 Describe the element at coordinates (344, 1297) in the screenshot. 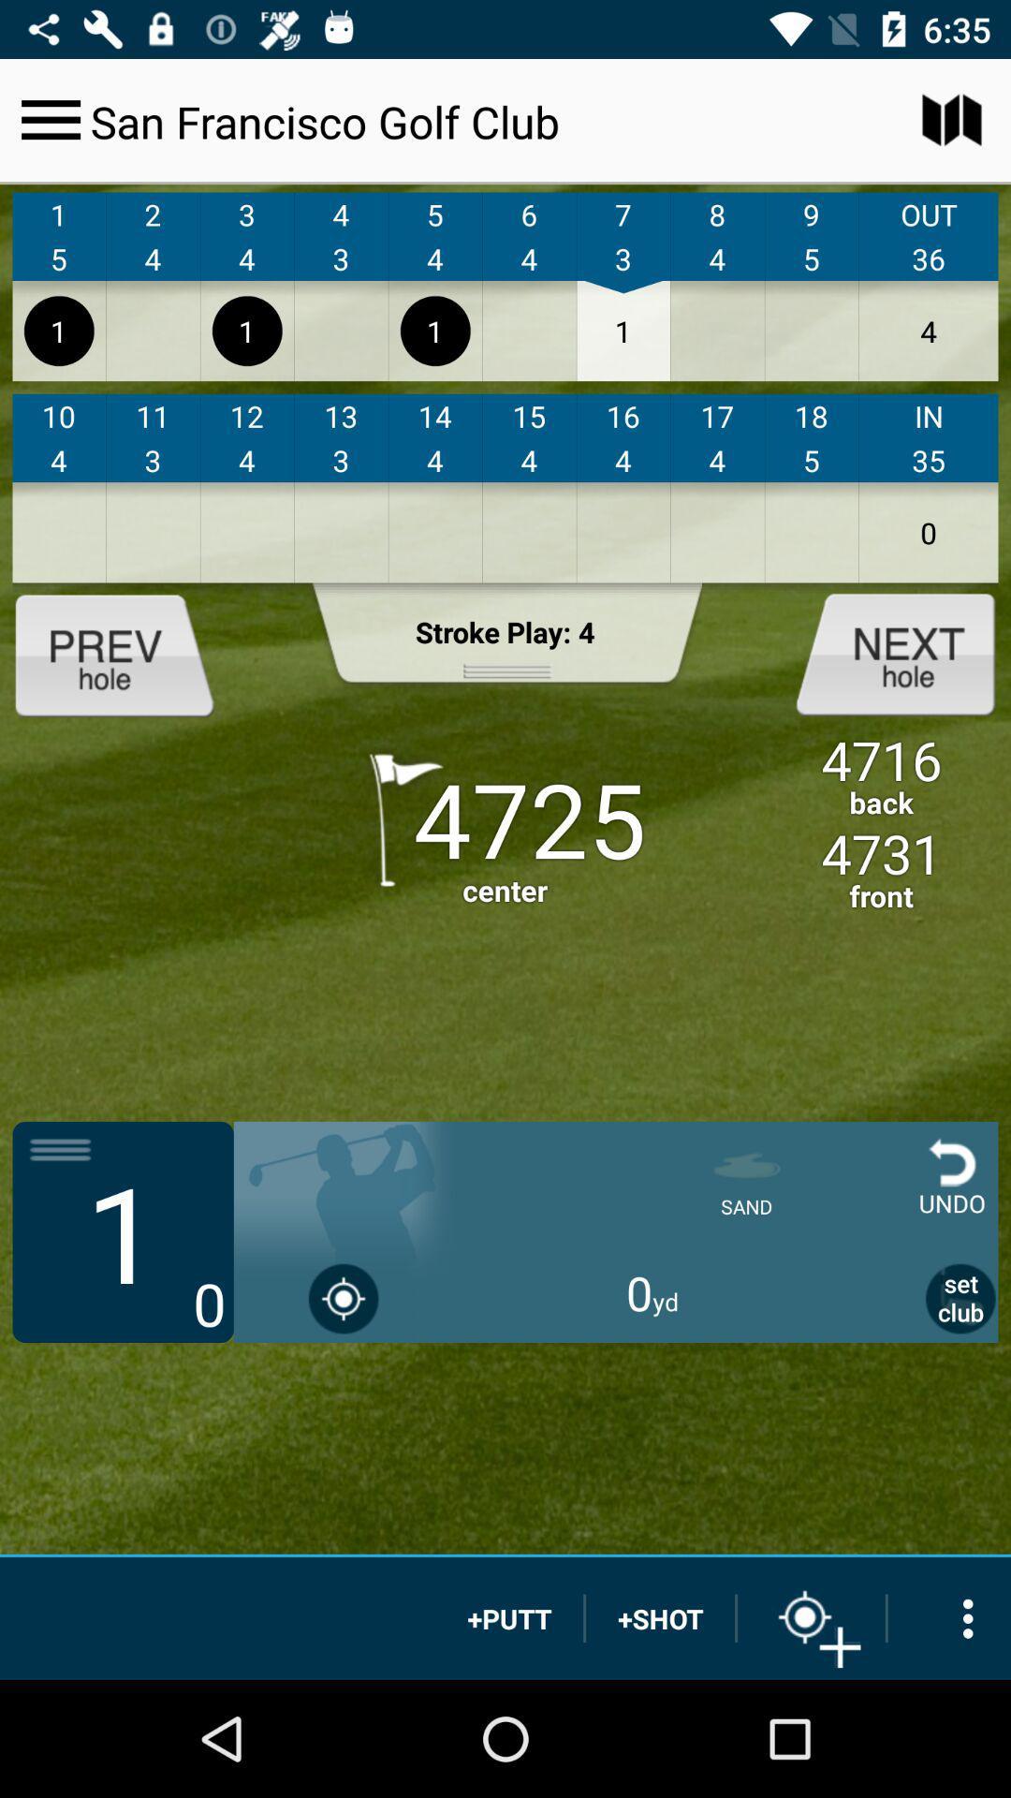

I see `use your location` at that location.